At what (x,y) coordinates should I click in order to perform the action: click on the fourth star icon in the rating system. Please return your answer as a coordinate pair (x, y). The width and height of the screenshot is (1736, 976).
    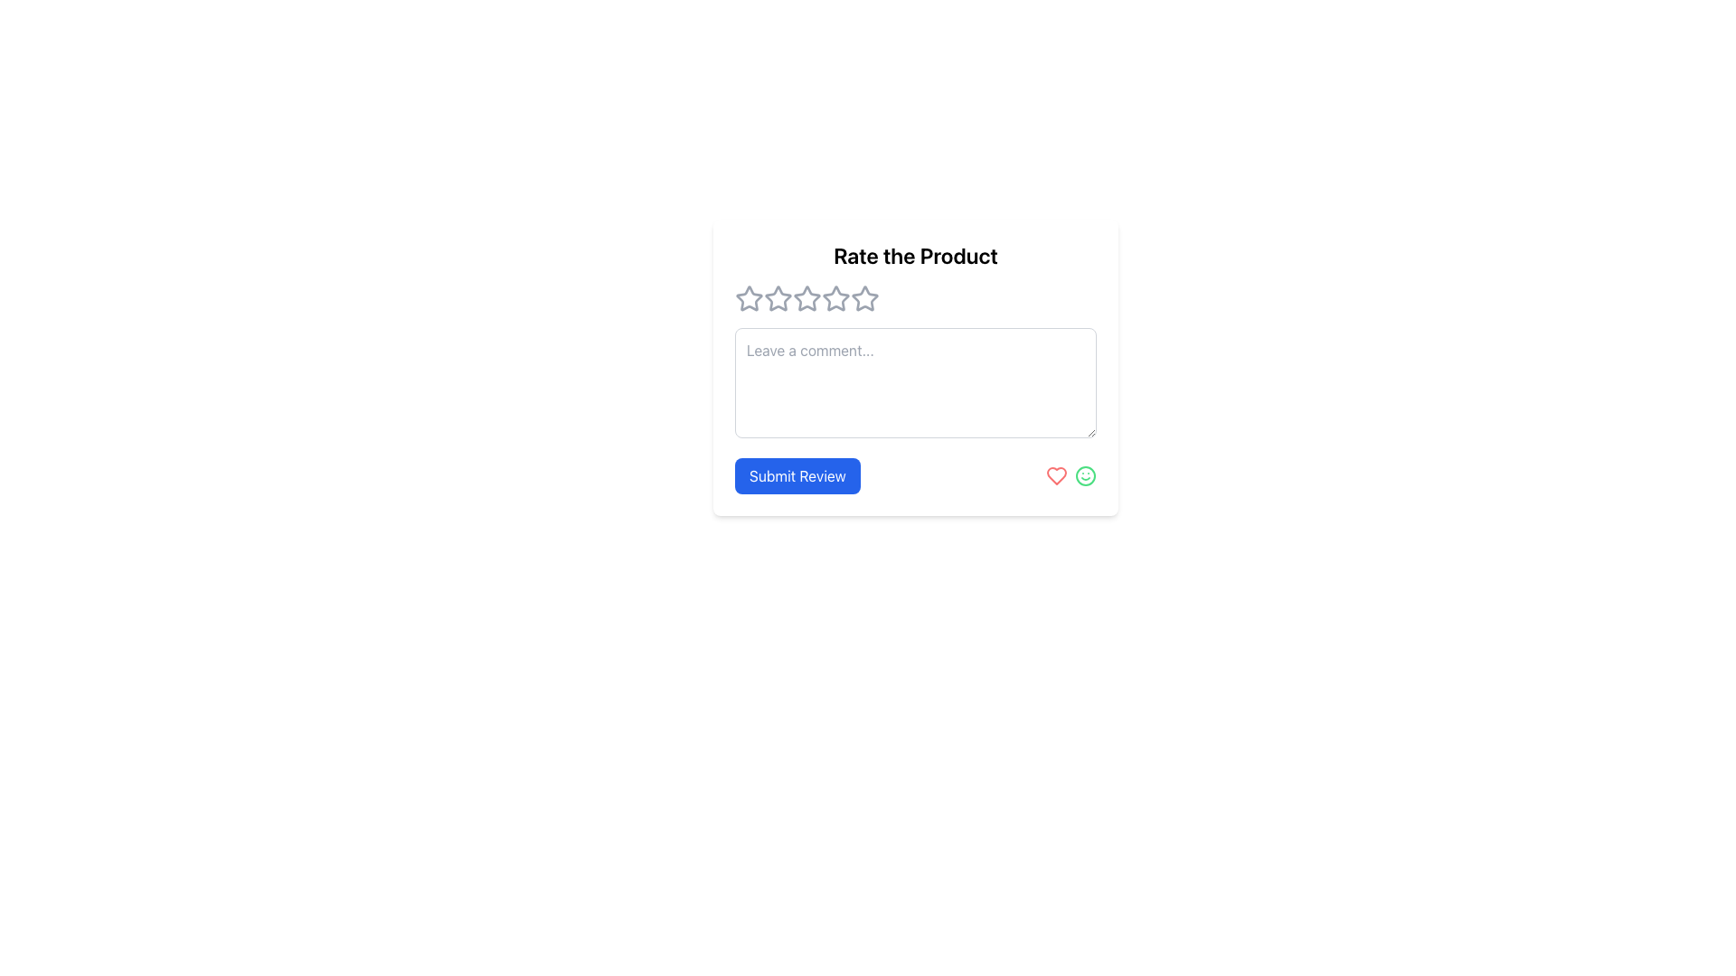
    Looking at the image, I should click on (863, 297).